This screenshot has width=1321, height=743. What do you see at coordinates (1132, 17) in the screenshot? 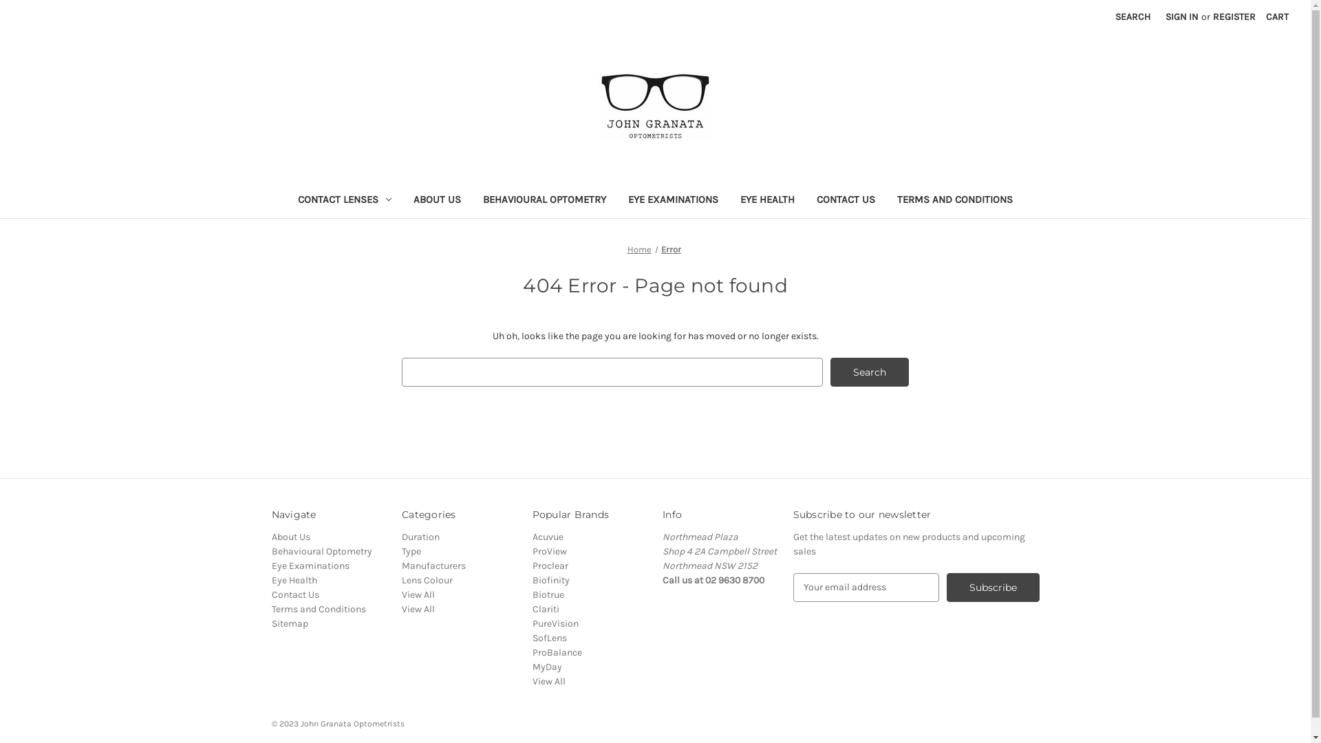
I see `'SEARCH'` at bounding box center [1132, 17].